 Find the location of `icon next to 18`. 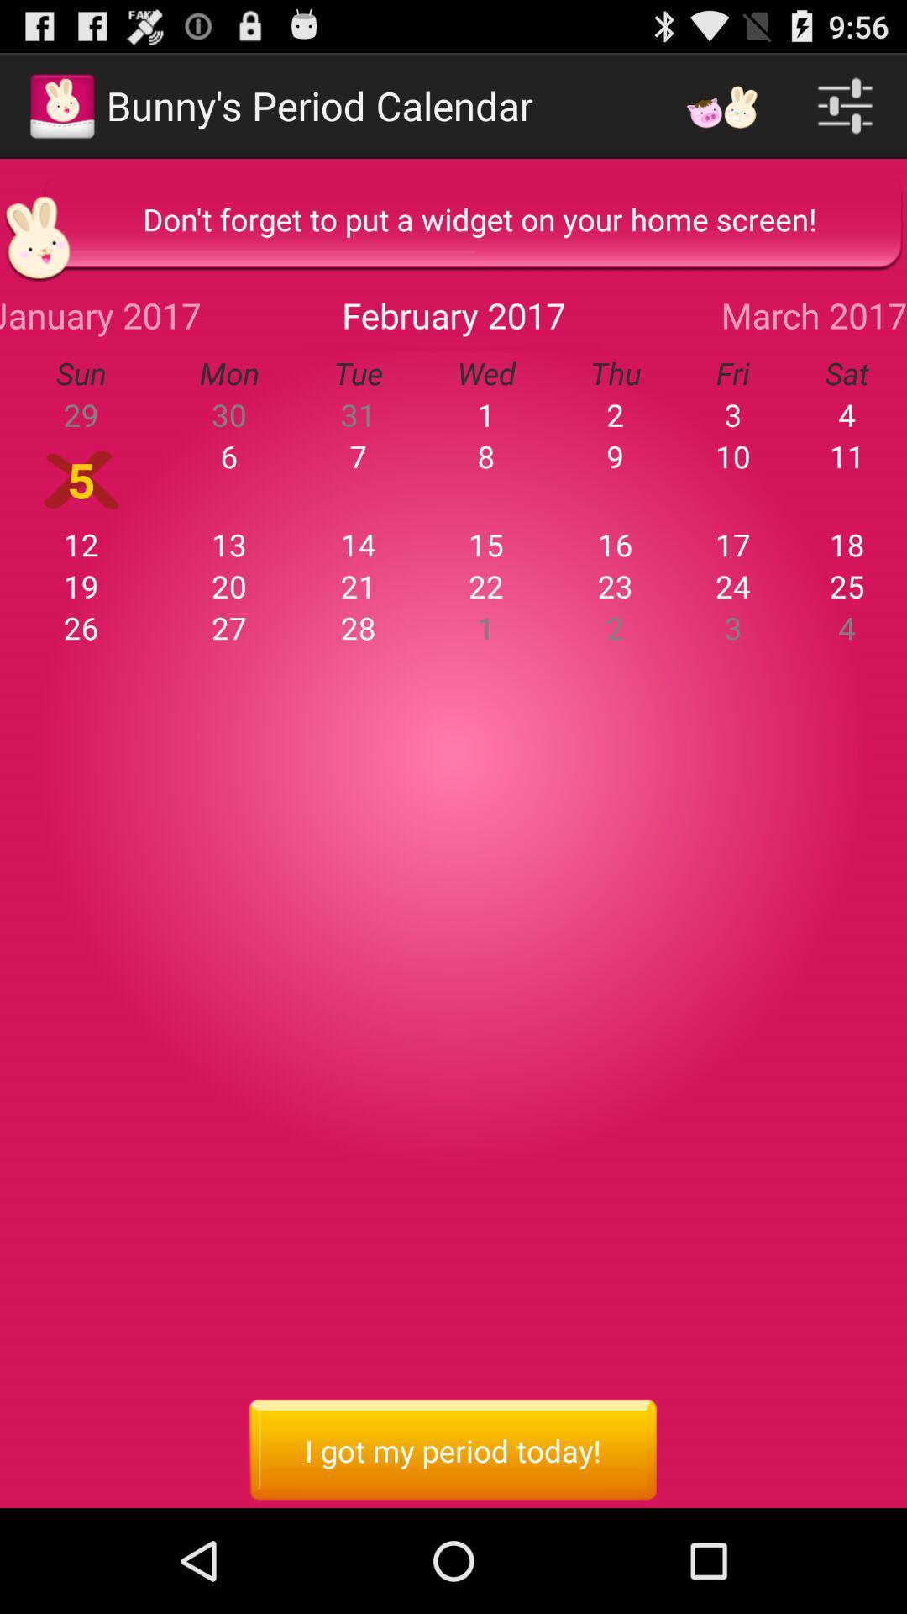

icon next to 18 is located at coordinates (731, 545).